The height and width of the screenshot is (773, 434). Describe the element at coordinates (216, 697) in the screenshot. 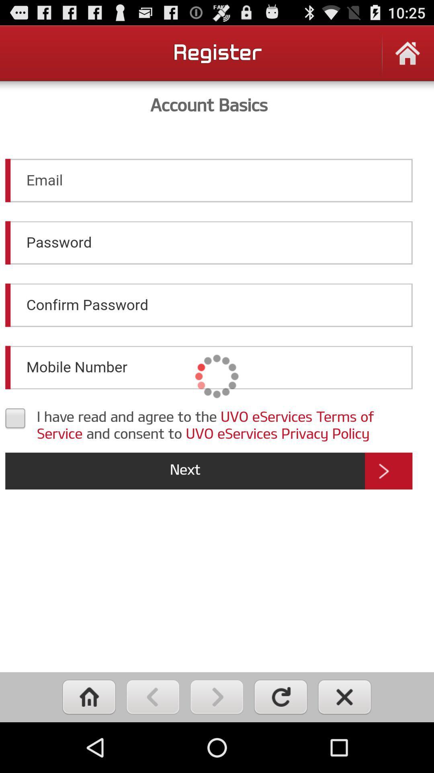

I see `next page` at that location.